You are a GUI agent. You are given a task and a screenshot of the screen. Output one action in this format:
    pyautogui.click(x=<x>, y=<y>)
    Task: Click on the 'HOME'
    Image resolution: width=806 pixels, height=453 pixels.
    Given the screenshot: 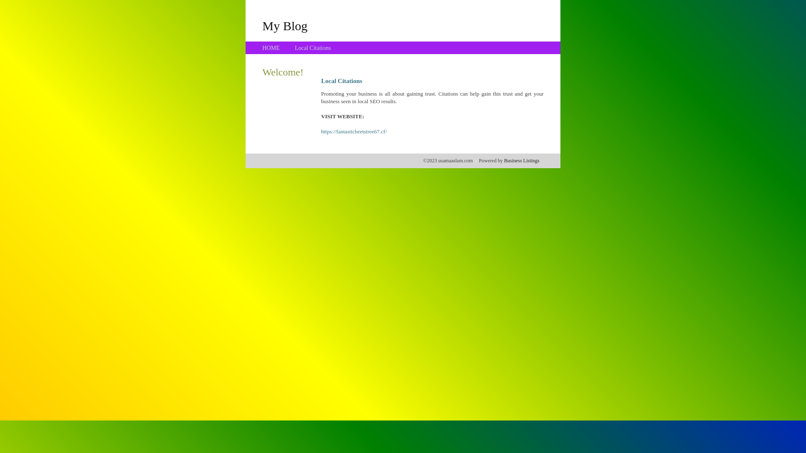 What is the action you would take?
    pyautogui.click(x=271, y=48)
    